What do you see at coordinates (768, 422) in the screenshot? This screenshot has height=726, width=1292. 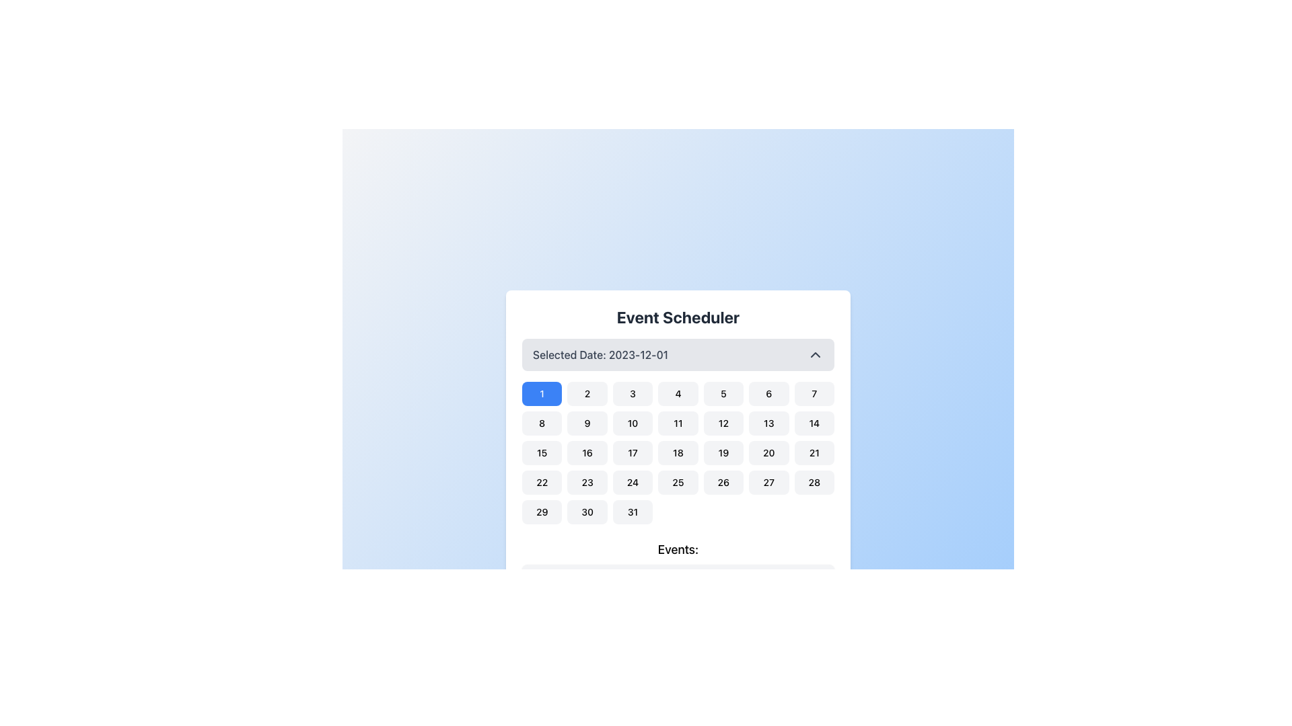 I see `the button labeled '13' which is a rounded rectangular shape on a light gray background, located under the 'Event Scheduler' header in the calendar view` at bounding box center [768, 422].